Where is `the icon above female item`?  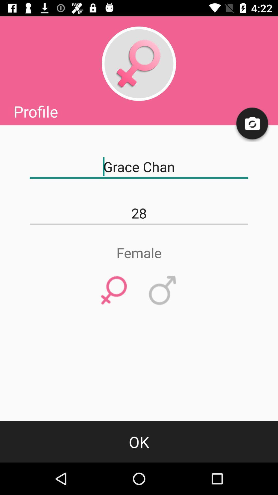 the icon above female item is located at coordinates (139, 213).